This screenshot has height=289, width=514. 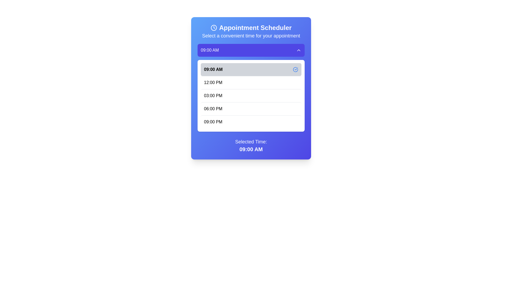 What do you see at coordinates (251, 82) in the screenshot?
I see `to select the time slot displaying '12:00 PM', which is the second option in the vertical list of time slots` at bounding box center [251, 82].